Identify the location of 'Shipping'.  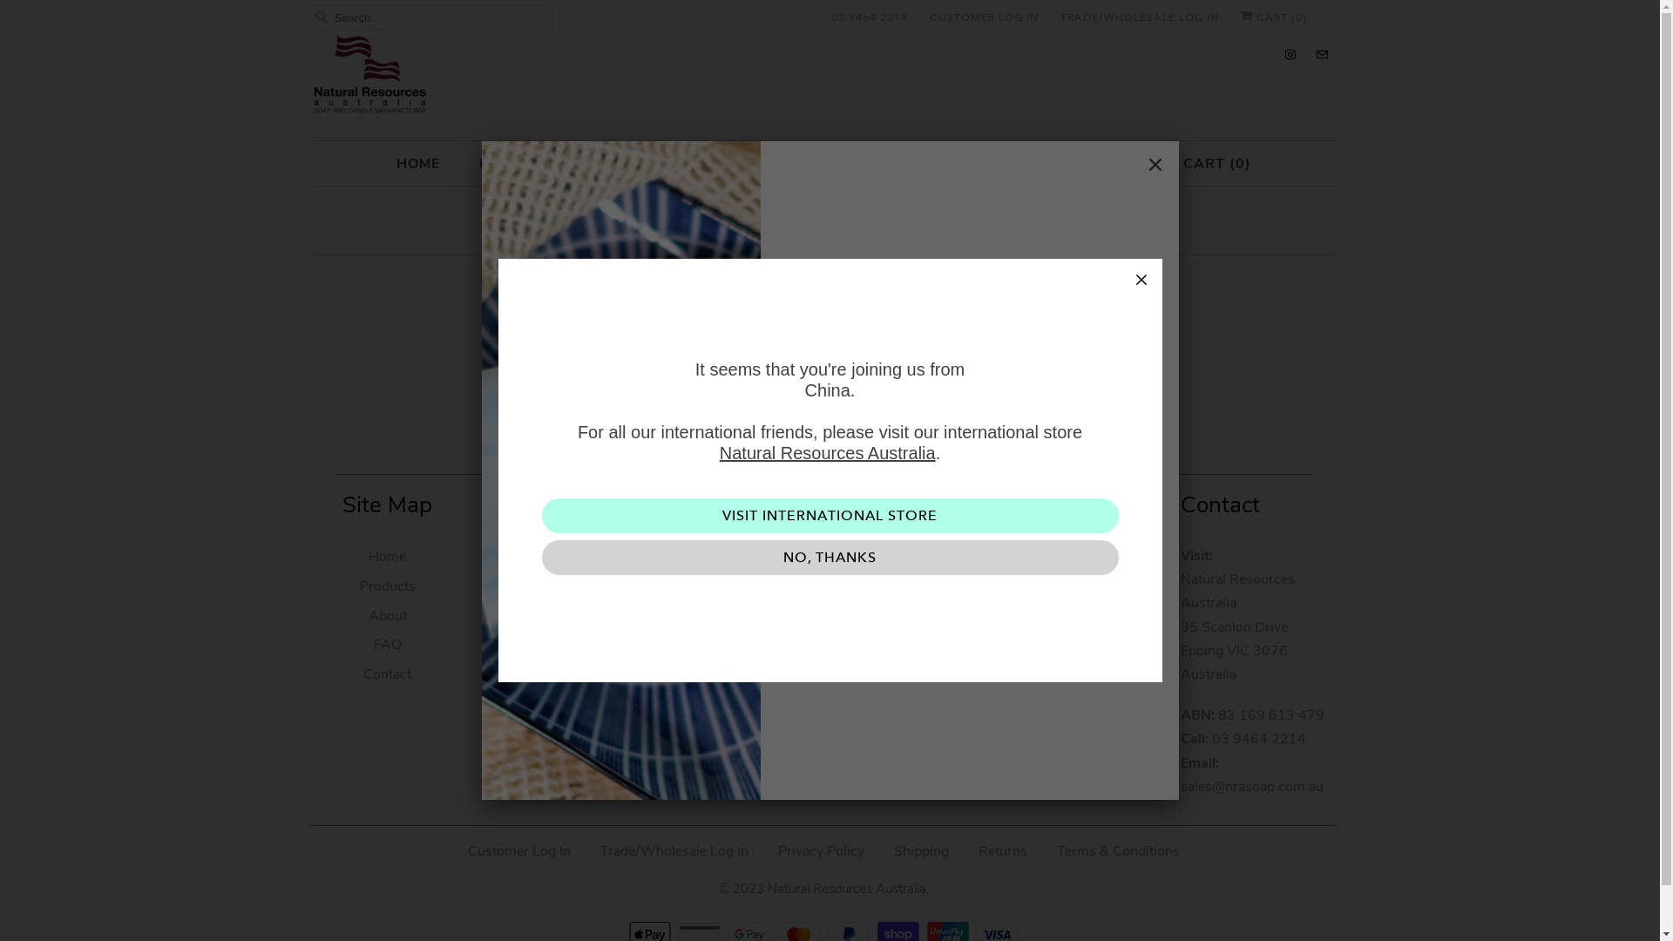
(920, 850).